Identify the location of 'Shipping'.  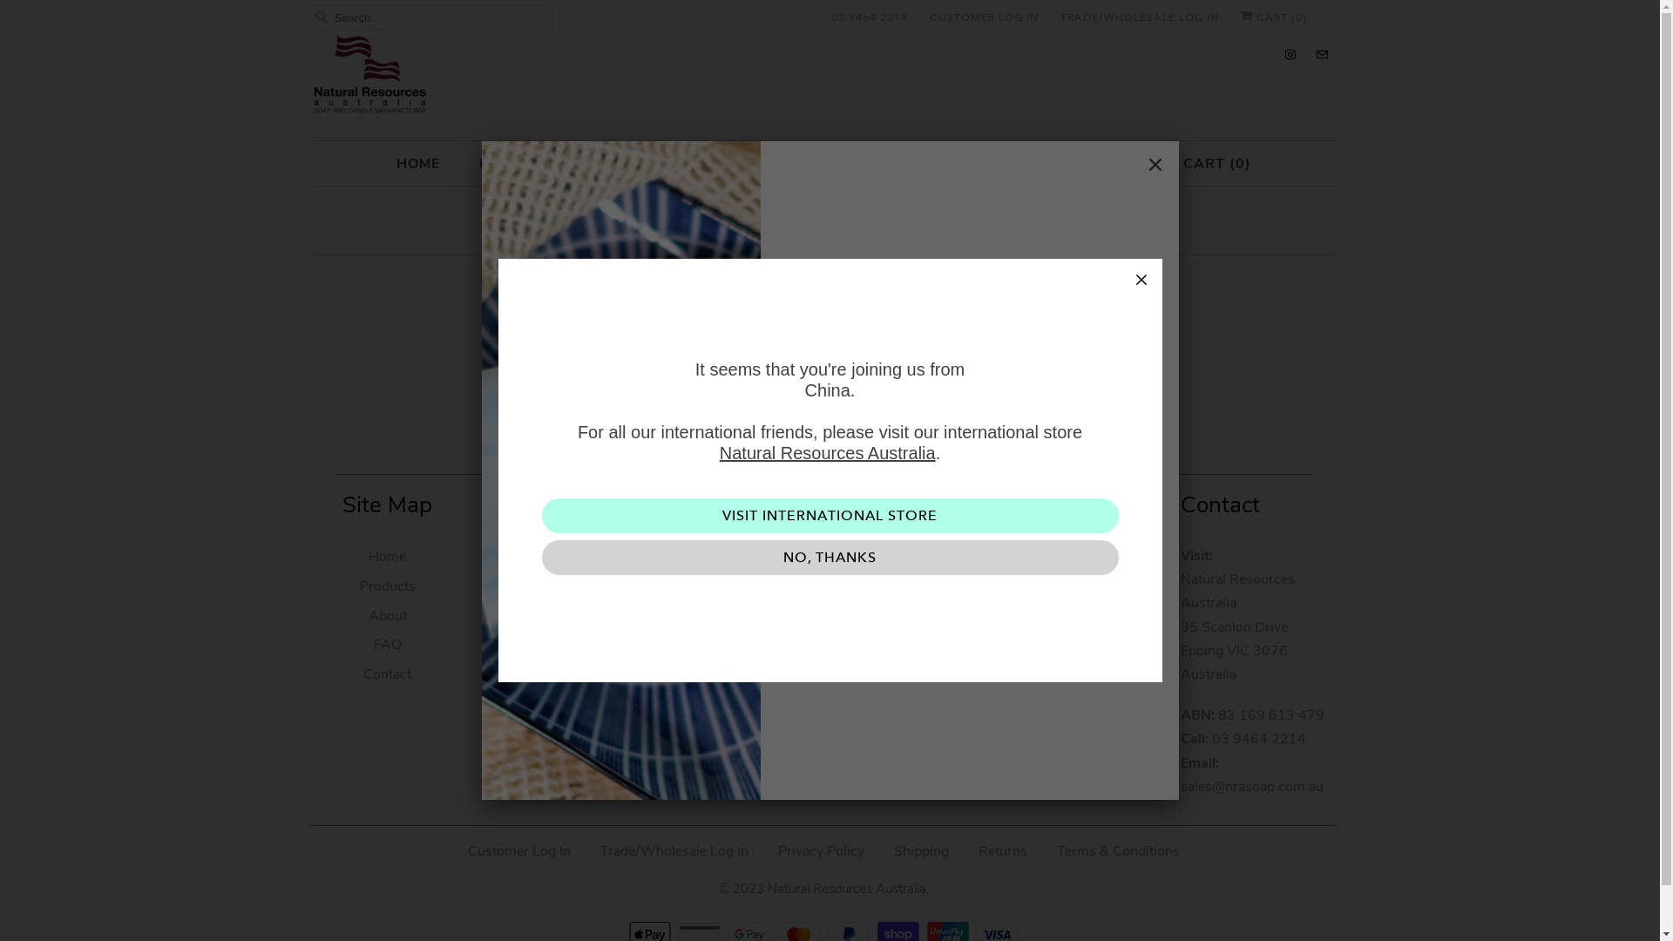
(920, 850).